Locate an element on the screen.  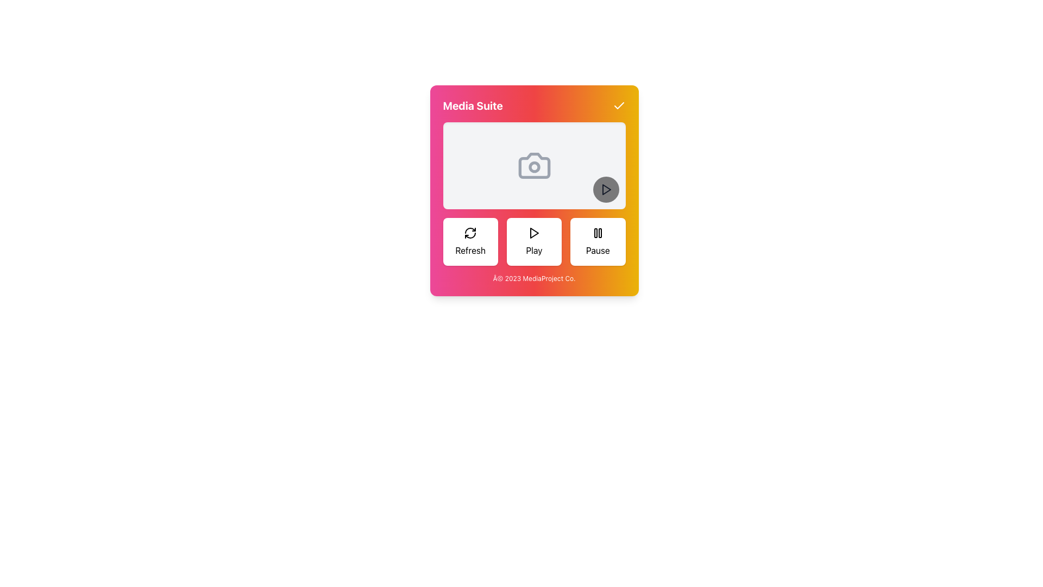
the play icon, which is located in the middle of the white 'Play' button in the central panel of the interface is located at coordinates (534, 232).